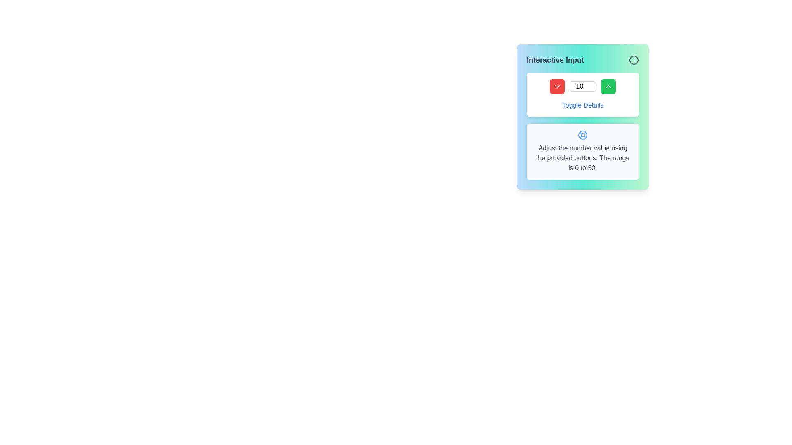 The height and width of the screenshot is (445, 792). I want to click on the hyperlink or text button located in the middle of the interface, so click(582, 105).